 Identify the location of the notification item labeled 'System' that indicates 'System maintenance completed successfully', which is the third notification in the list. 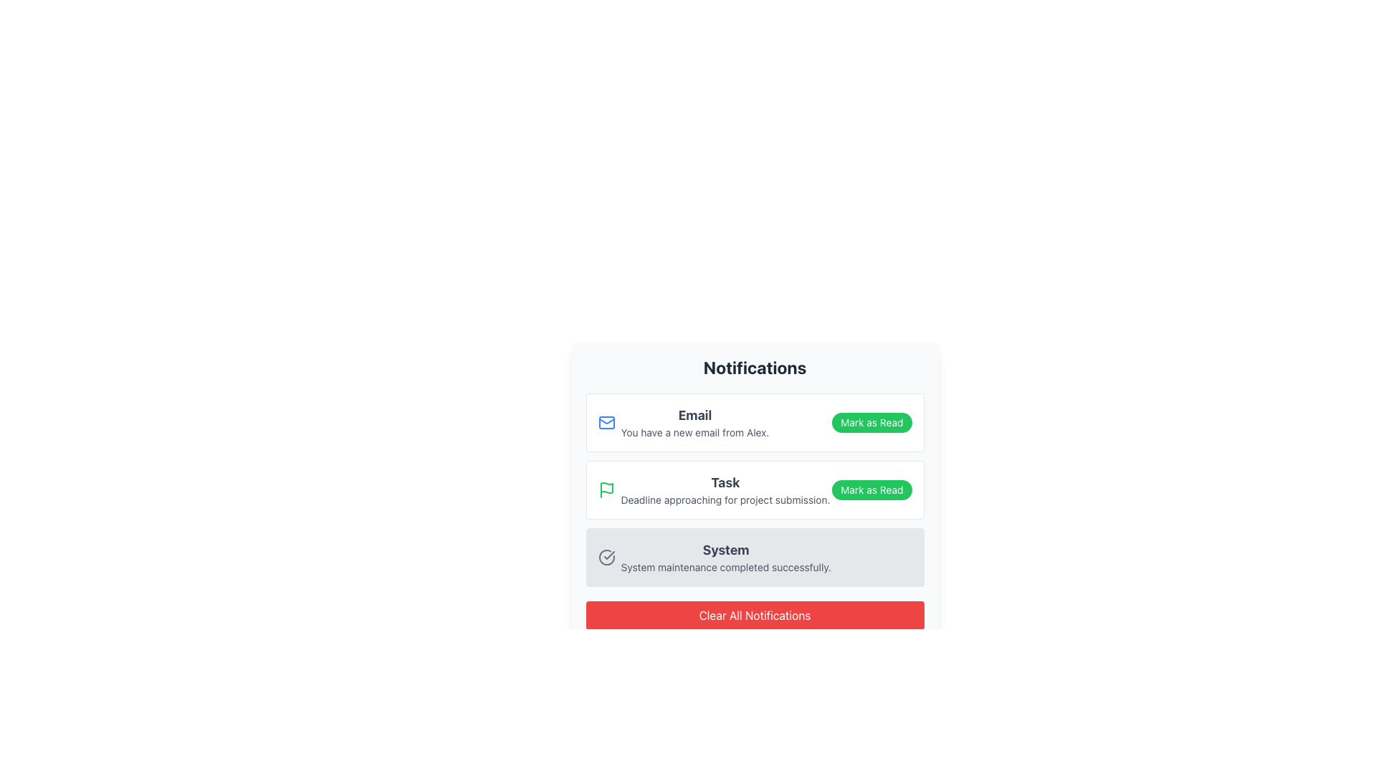
(754, 557).